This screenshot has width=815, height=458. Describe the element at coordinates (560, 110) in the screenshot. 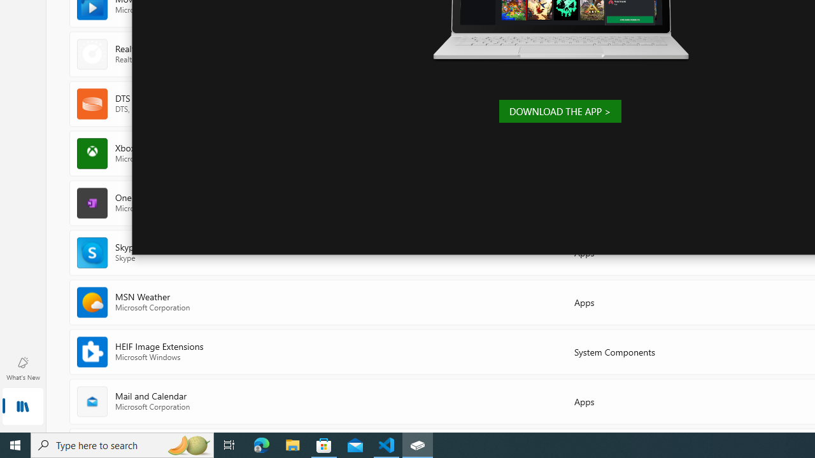

I see `'DOWNLOAD THE APP >'` at that location.